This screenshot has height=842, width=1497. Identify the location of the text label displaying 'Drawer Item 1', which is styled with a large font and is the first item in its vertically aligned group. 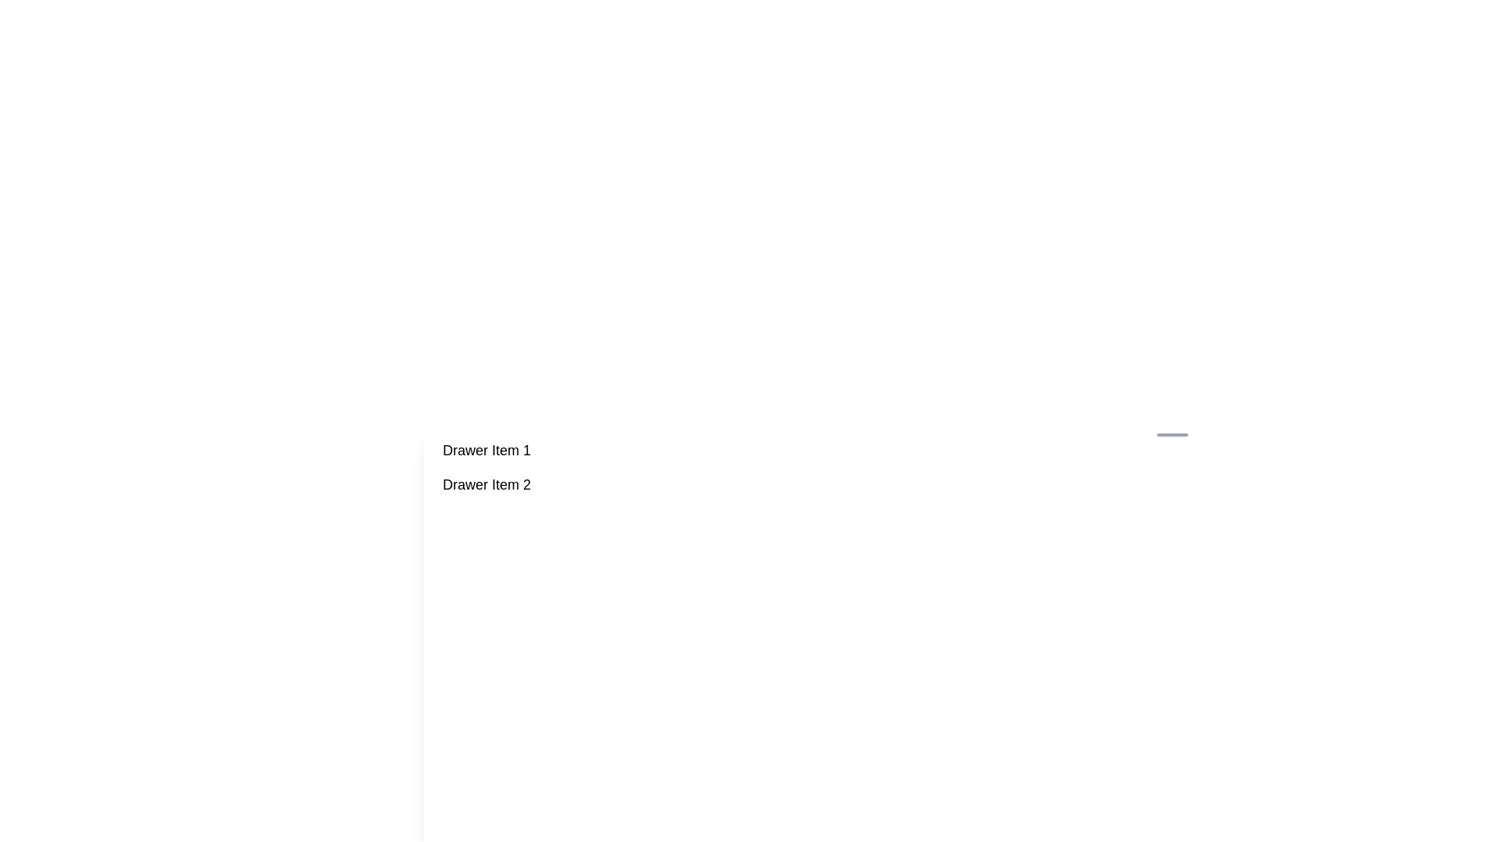
(486, 451).